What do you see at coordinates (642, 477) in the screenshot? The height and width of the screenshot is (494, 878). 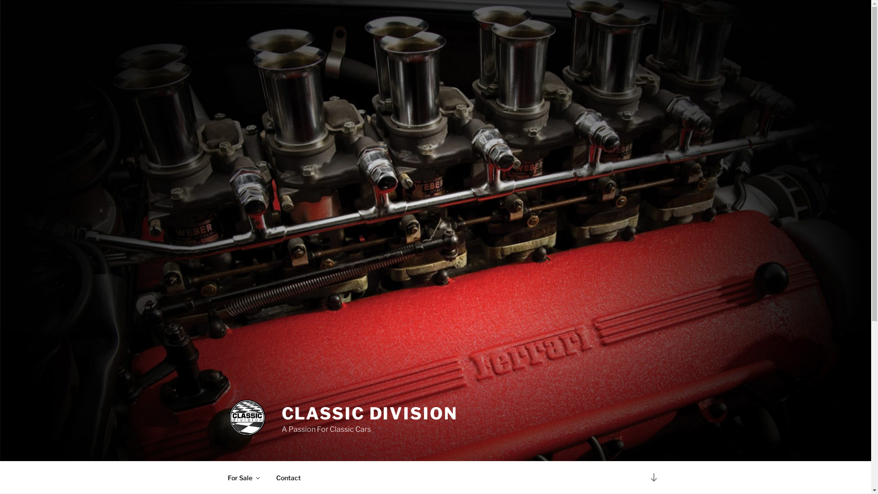 I see `'Scroll down to content'` at bounding box center [642, 477].